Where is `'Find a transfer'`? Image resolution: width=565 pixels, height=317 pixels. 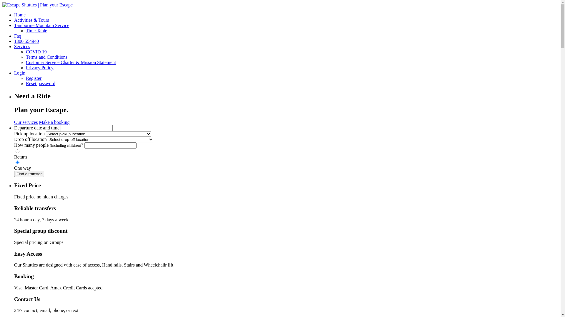
'Find a transfer' is located at coordinates (29, 173).